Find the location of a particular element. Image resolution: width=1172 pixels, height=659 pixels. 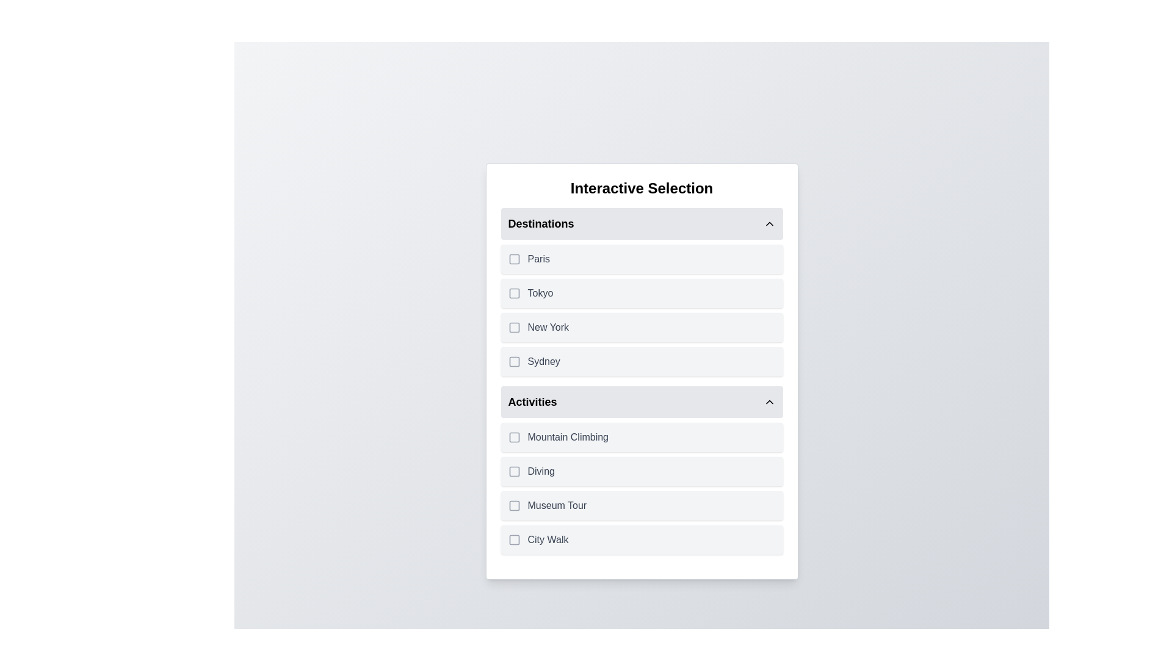

the item Museum Tour to trigger its hover effect is located at coordinates (641, 506).